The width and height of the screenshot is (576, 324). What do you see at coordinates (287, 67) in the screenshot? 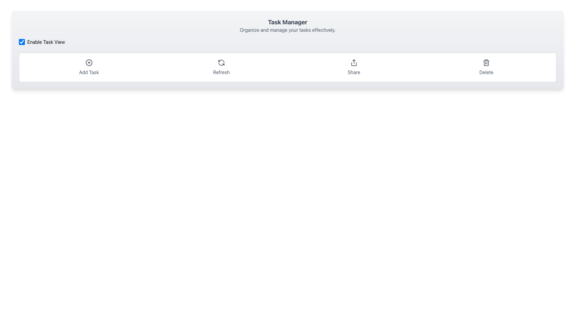
I see `the 'Delete' section of the Toolbar` at bounding box center [287, 67].